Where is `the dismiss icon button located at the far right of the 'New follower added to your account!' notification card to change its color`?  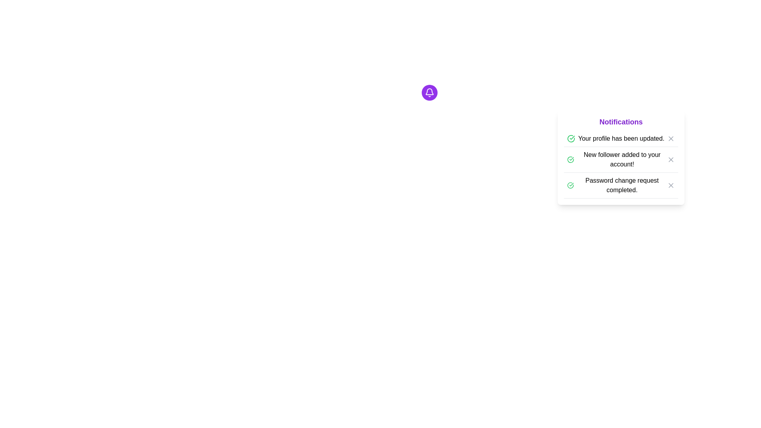
the dismiss icon button located at the far right of the 'New follower added to your account!' notification card to change its color is located at coordinates (671, 159).